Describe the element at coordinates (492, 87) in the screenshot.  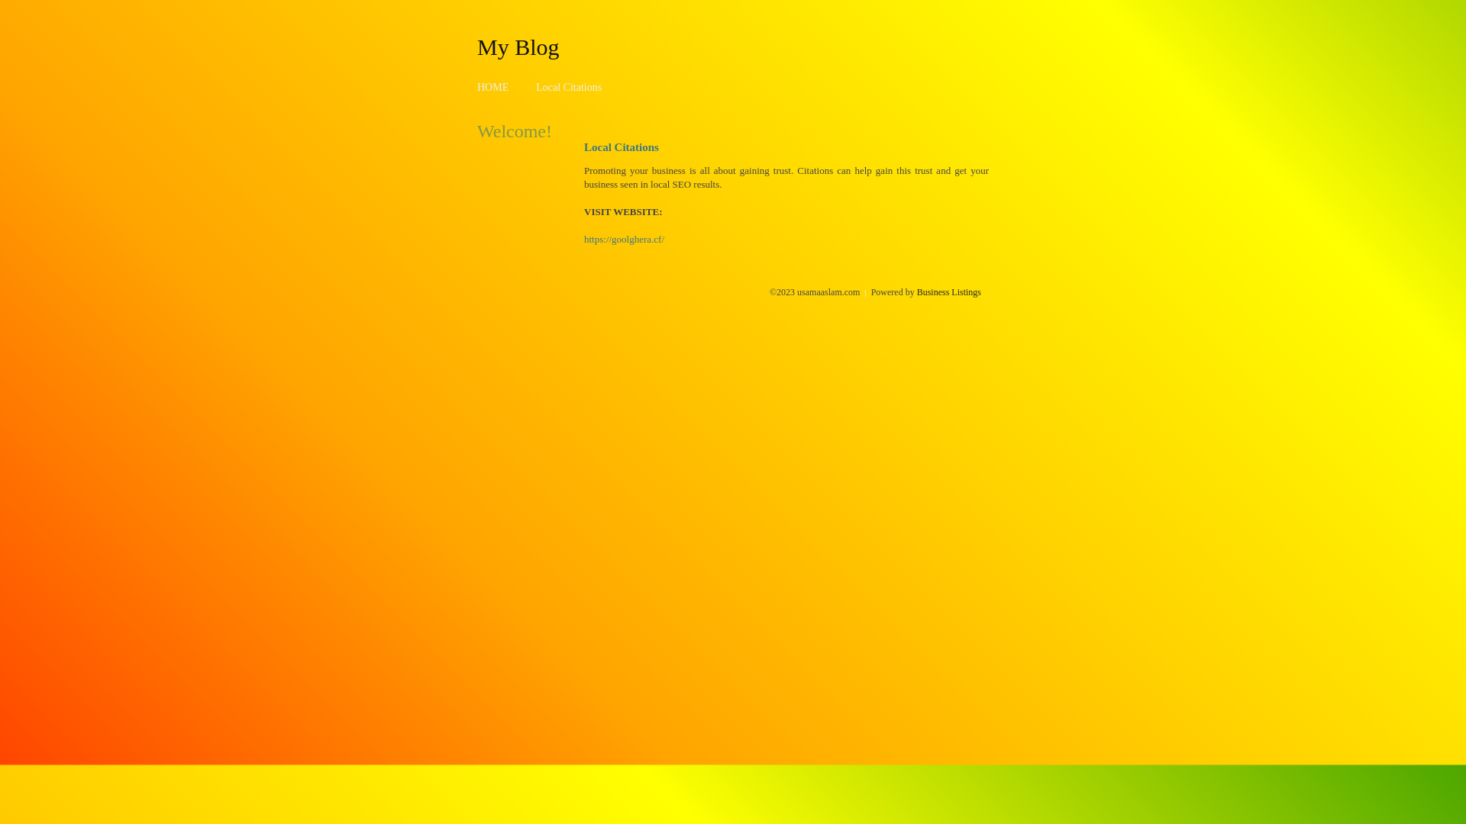
I see `'HOME'` at that location.